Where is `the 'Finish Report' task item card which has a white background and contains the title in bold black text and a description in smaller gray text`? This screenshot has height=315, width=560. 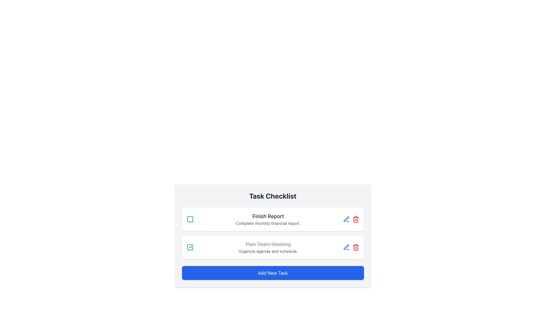 the 'Finish Report' task item card which has a white background and contains the title in bold black text and a description in smaller gray text is located at coordinates (272, 219).